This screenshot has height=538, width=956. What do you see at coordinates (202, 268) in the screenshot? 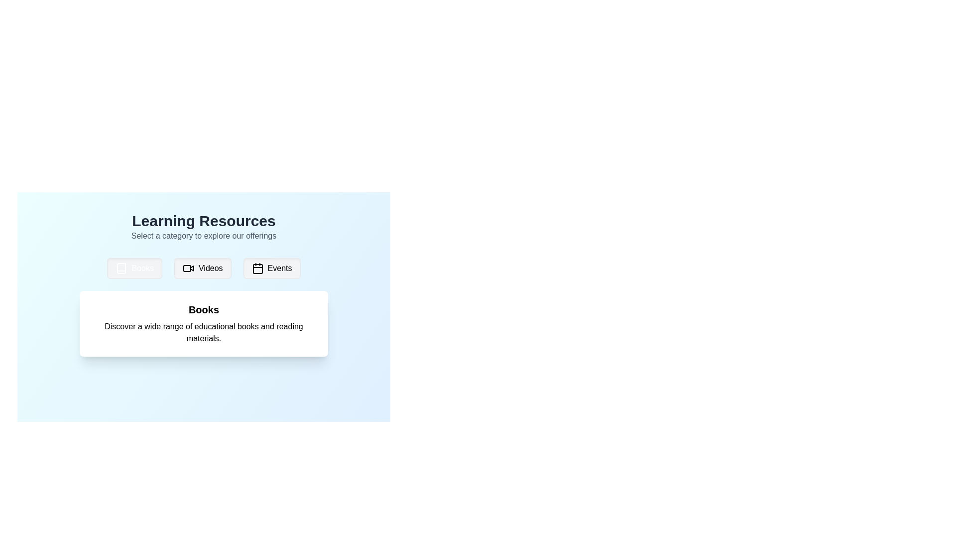
I see `the 'Videos' button, which is located in the middle of a horizontal row of three buttons beneath the 'Learning Resources' header, to trigger a visual effect` at bounding box center [202, 268].